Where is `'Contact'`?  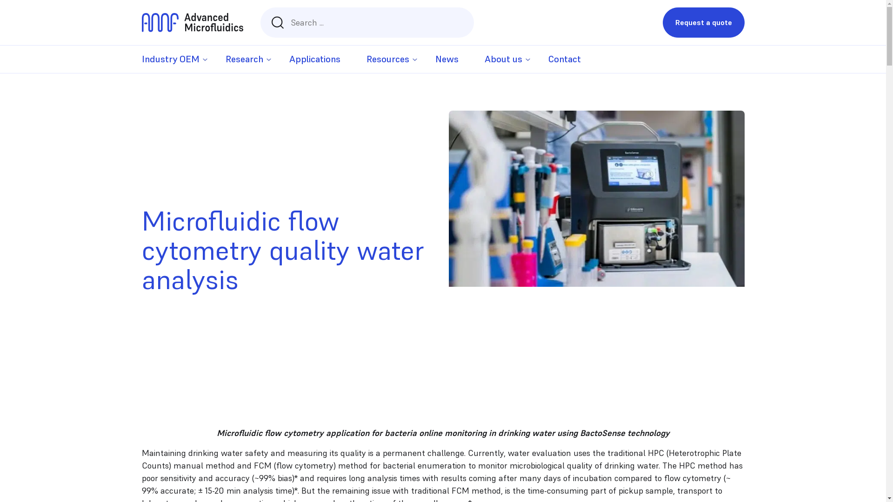
'Contact' is located at coordinates (564, 59).